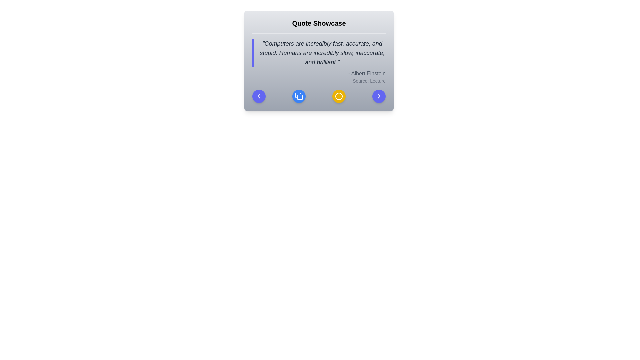 Image resolution: width=640 pixels, height=360 pixels. I want to click on the third button in the row at the bottom of the card, so click(339, 96).